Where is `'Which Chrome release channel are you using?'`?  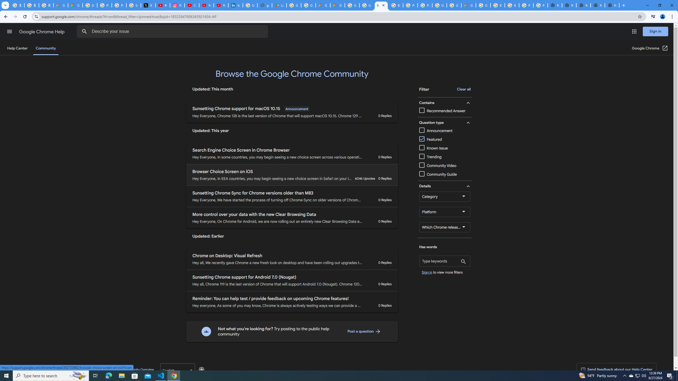 'Which Chrome release channel are you using?' is located at coordinates (445, 227).